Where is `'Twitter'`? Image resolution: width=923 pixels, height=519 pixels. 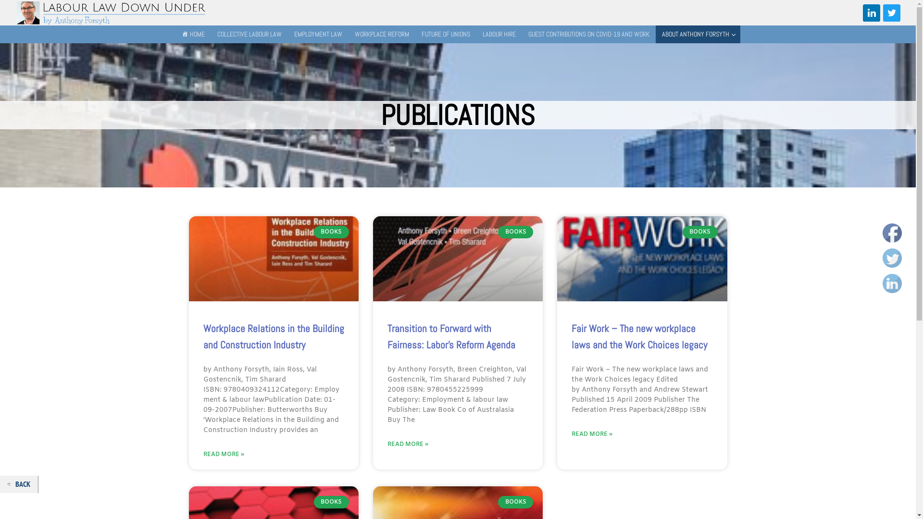 'Twitter' is located at coordinates (892, 257).